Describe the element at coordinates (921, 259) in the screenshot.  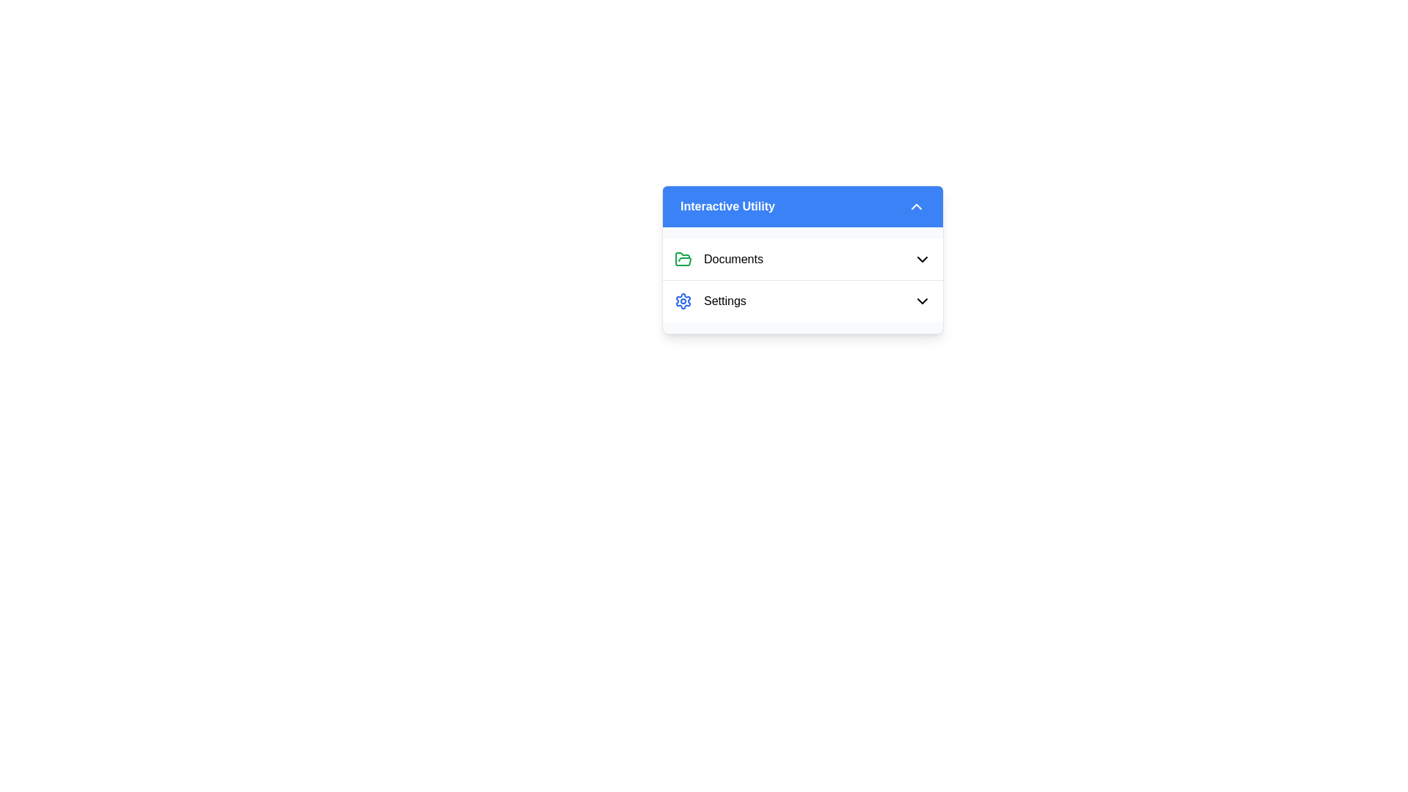
I see `the Dropdown Toggle Button (Chevron Icon) located at the far-right of the row containing the 'Documents' label` at that location.